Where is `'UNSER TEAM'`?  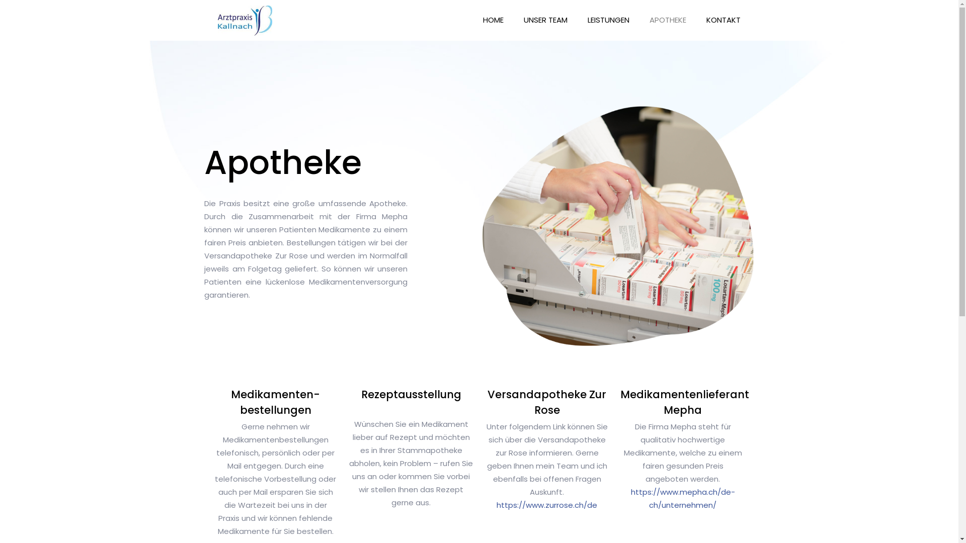
'UNSER TEAM' is located at coordinates (545, 20).